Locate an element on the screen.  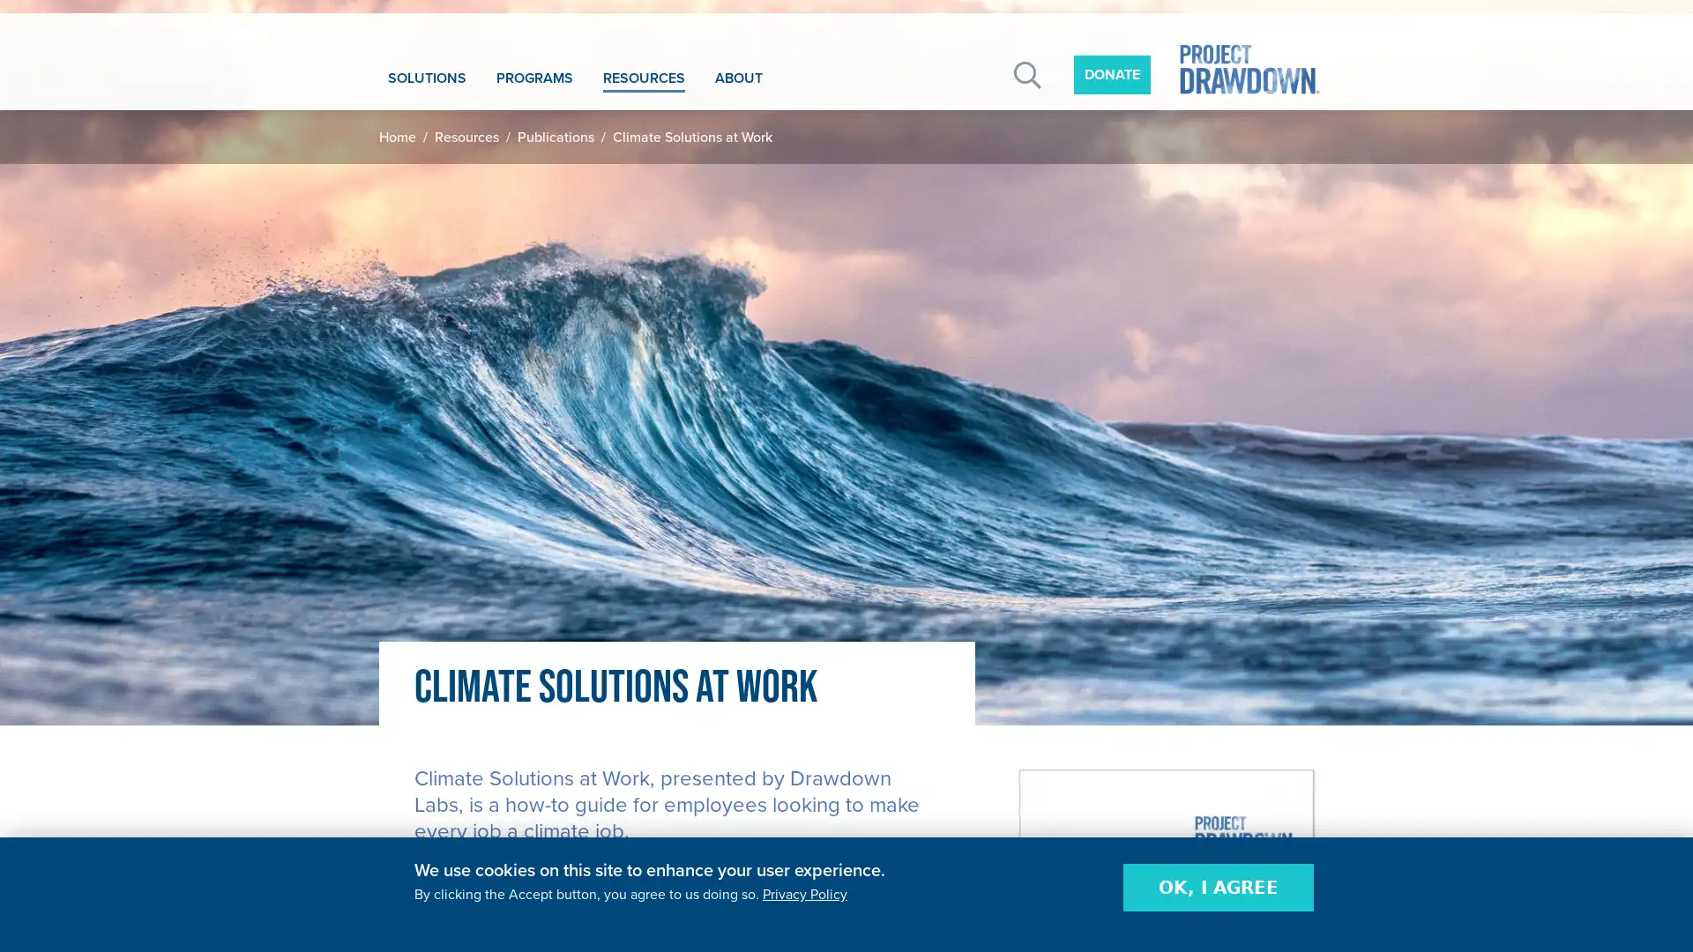
Search Full Site is located at coordinates (1198, 172).